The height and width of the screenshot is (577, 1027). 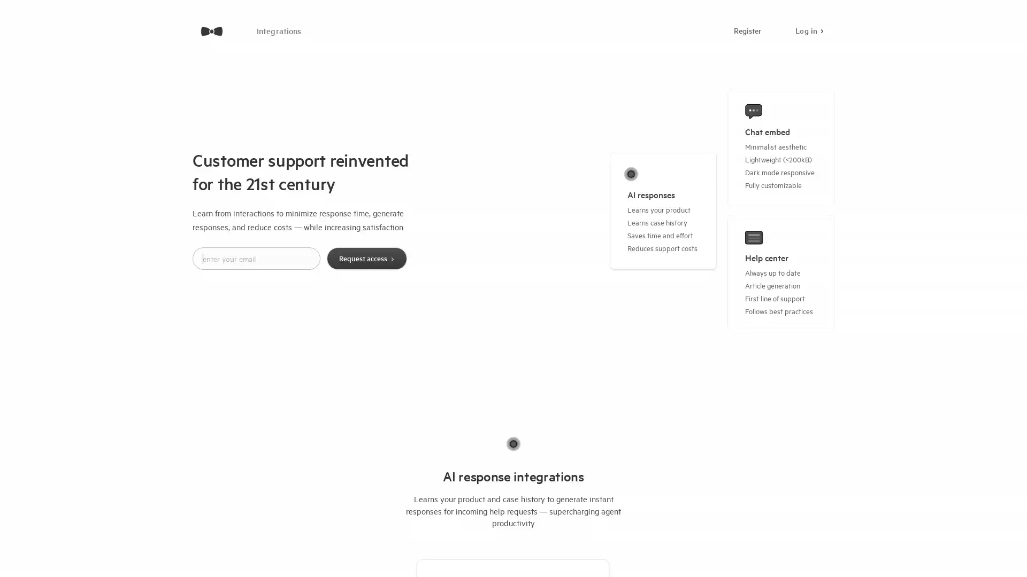 I want to click on Request access, so click(x=366, y=258).